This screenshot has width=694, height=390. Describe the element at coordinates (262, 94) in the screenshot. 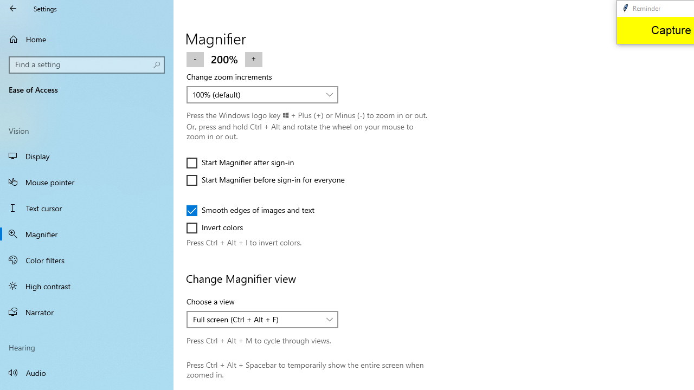

I see `'Change zoom increments'` at that location.